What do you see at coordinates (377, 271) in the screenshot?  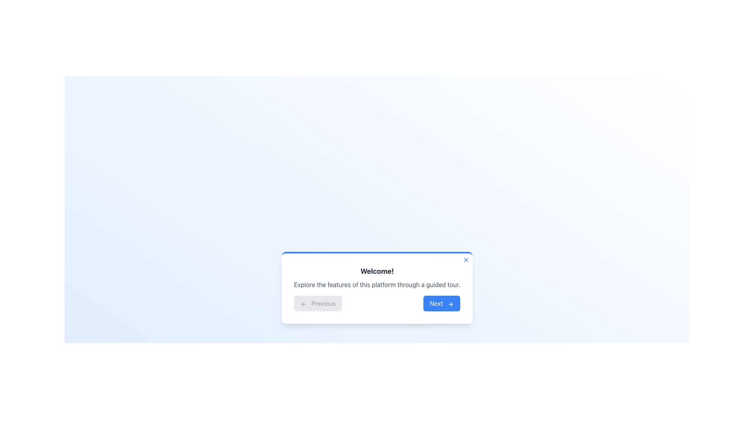 I see `the heading text displaying 'Welcome!' which is styled in bold, black font and positioned at the top of the modal box` at bounding box center [377, 271].